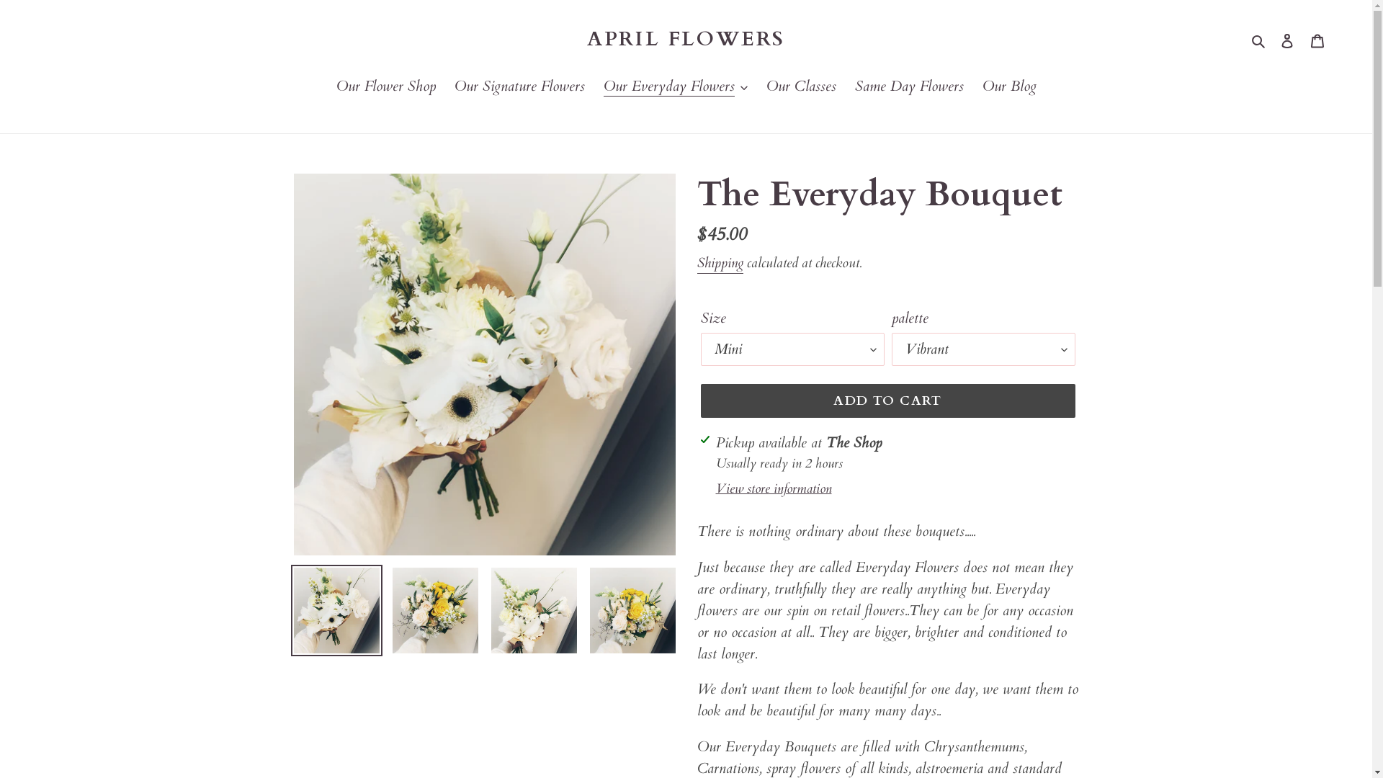 The width and height of the screenshot is (1383, 778). I want to click on 'Log in', so click(1286, 38).